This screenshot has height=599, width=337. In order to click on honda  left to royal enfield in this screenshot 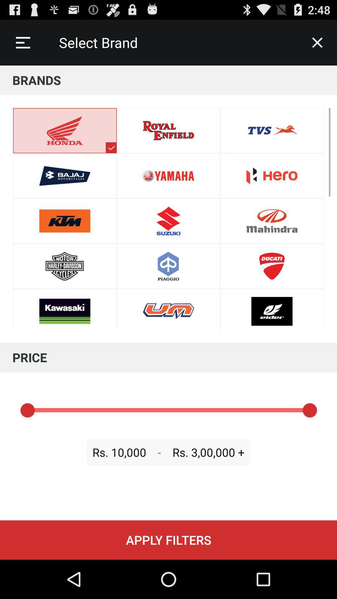, I will do `click(168, 309)`.